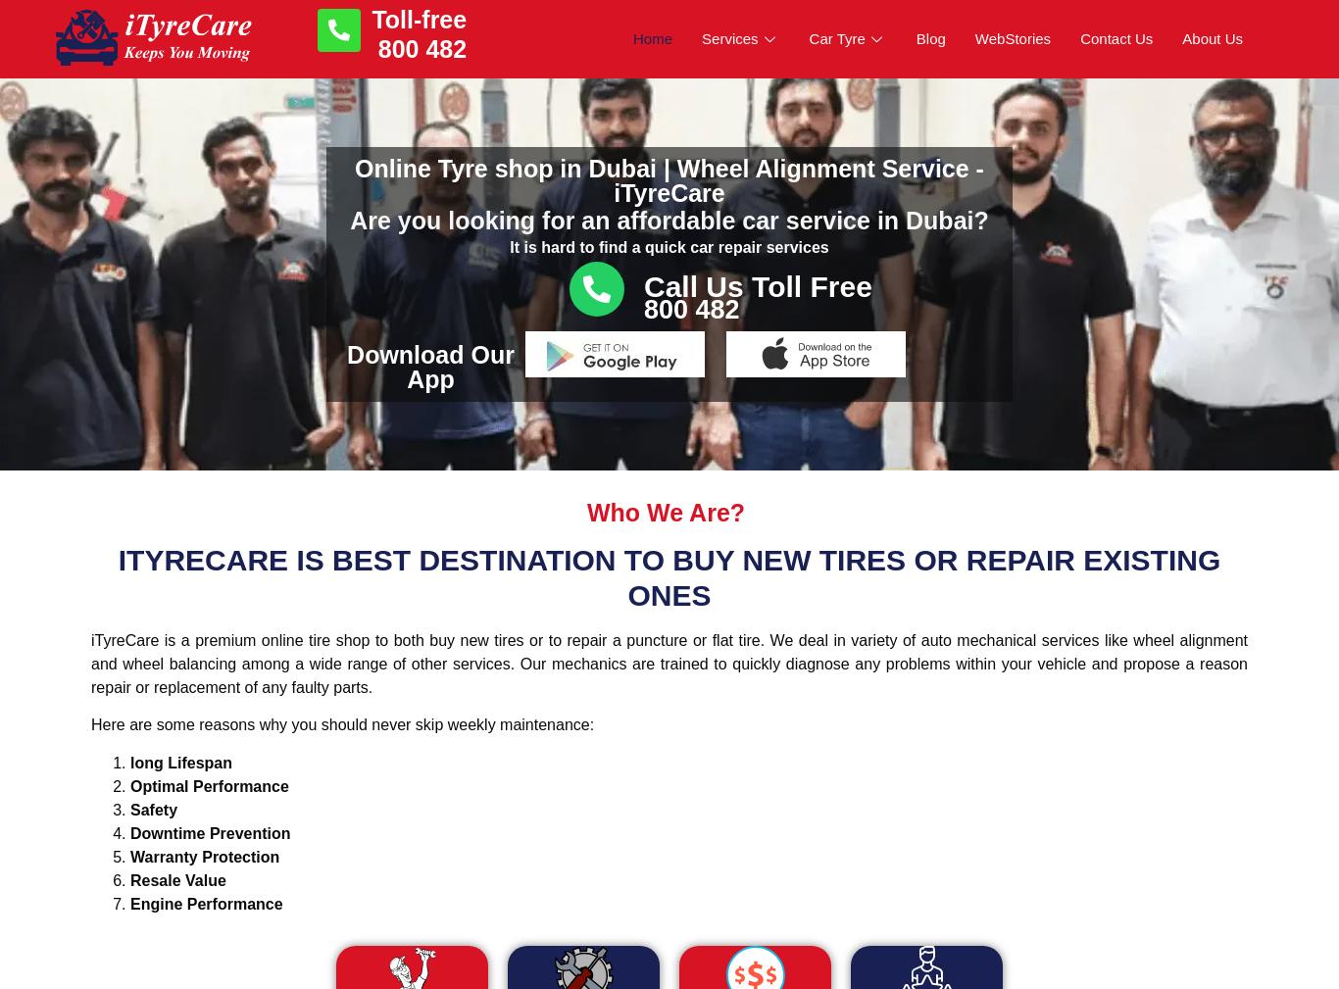  What do you see at coordinates (205, 903) in the screenshot?
I see `'Engine Performance'` at bounding box center [205, 903].